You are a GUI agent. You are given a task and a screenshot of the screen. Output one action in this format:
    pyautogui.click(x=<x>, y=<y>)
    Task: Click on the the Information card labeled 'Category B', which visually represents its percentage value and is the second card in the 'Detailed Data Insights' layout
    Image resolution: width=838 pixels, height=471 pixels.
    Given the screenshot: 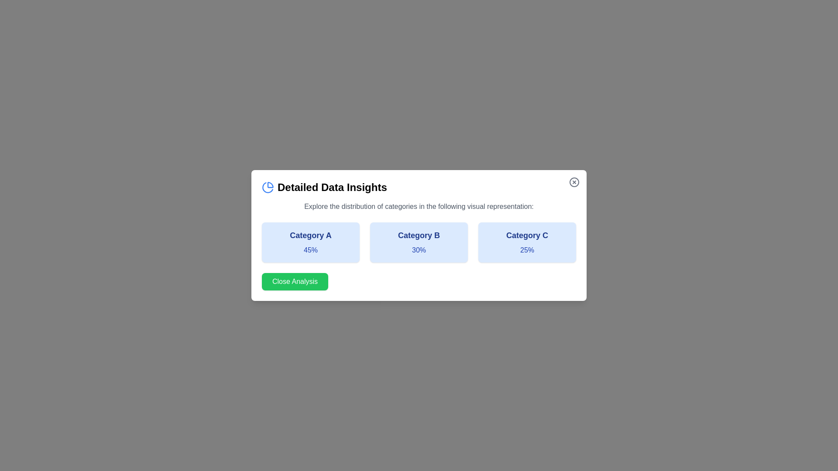 What is the action you would take?
    pyautogui.click(x=419, y=242)
    